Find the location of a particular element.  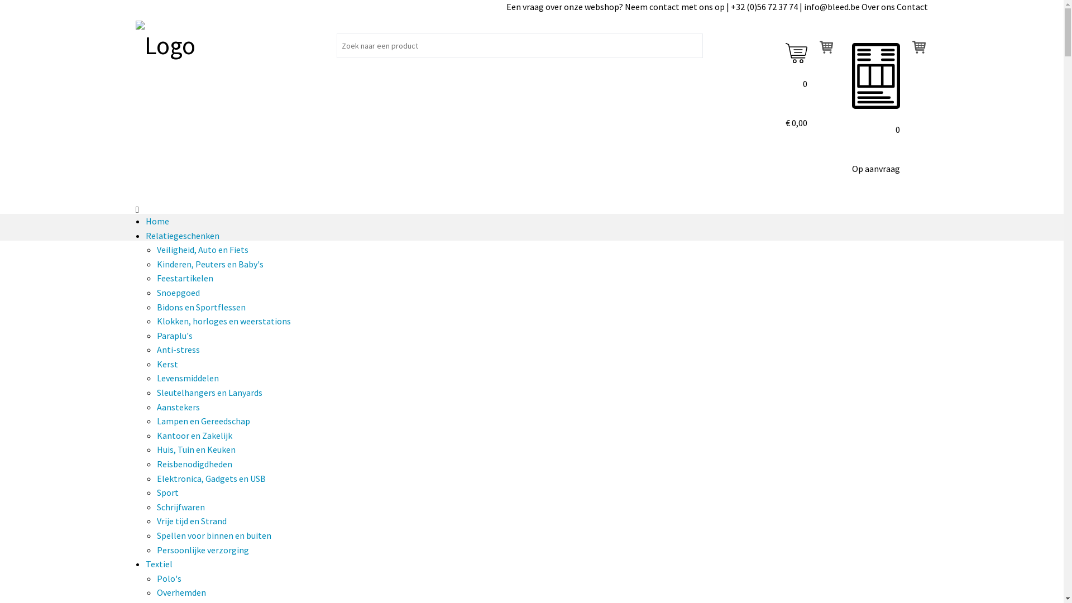

'Lampen en Gereedschap' is located at coordinates (203, 420).